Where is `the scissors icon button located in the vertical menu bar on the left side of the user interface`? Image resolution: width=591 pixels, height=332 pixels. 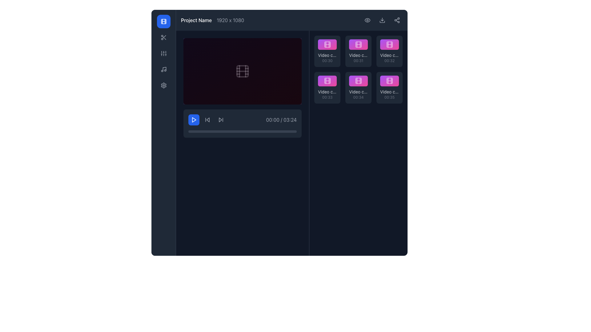 the scissors icon button located in the vertical menu bar on the left side of the user interface is located at coordinates (163, 38).